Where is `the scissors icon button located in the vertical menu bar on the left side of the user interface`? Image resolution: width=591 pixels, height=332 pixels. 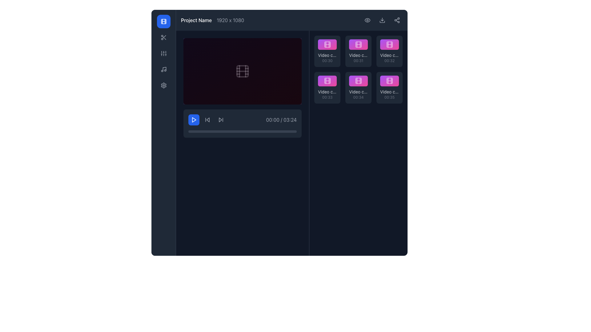 the scissors icon button located in the vertical menu bar on the left side of the user interface is located at coordinates (163, 38).